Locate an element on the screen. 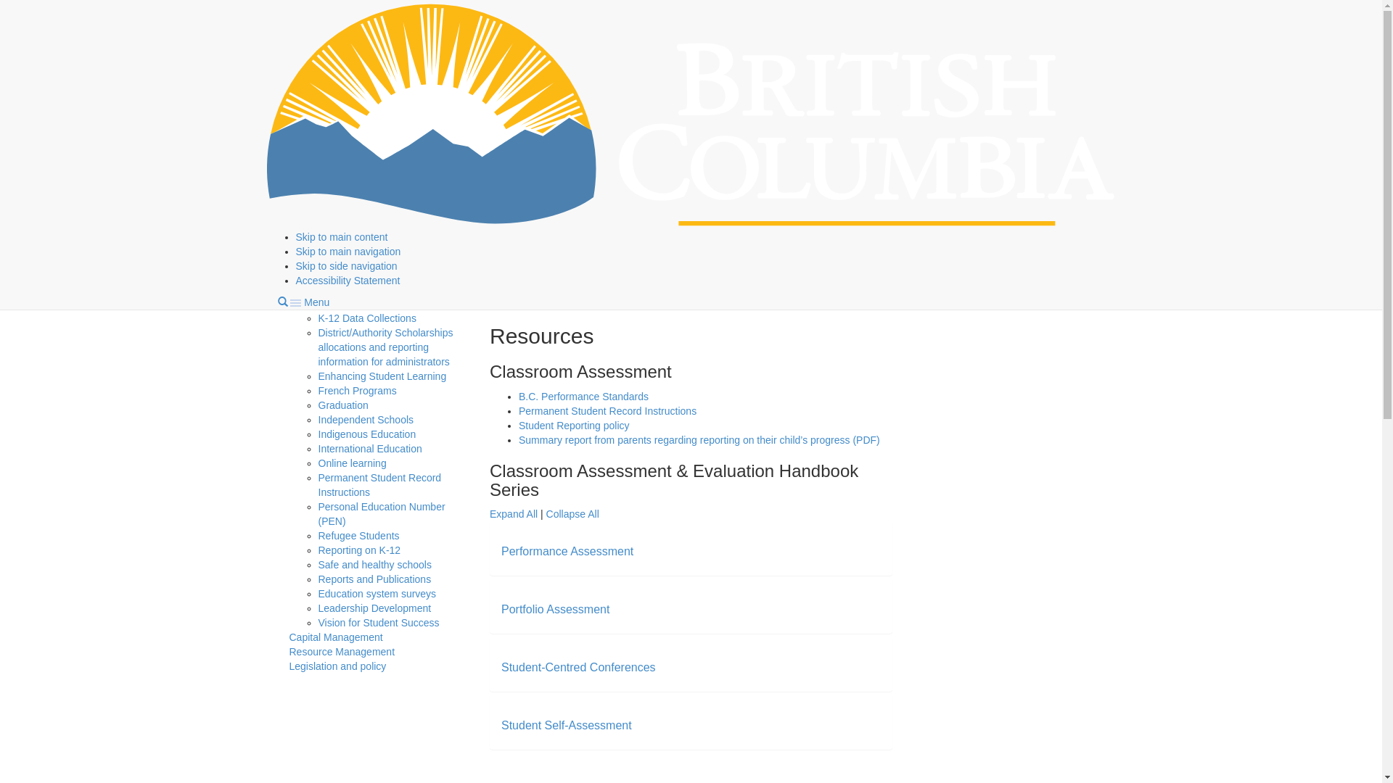 This screenshot has width=1393, height=783. 'Capital Management' is located at coordinates (334, 637).